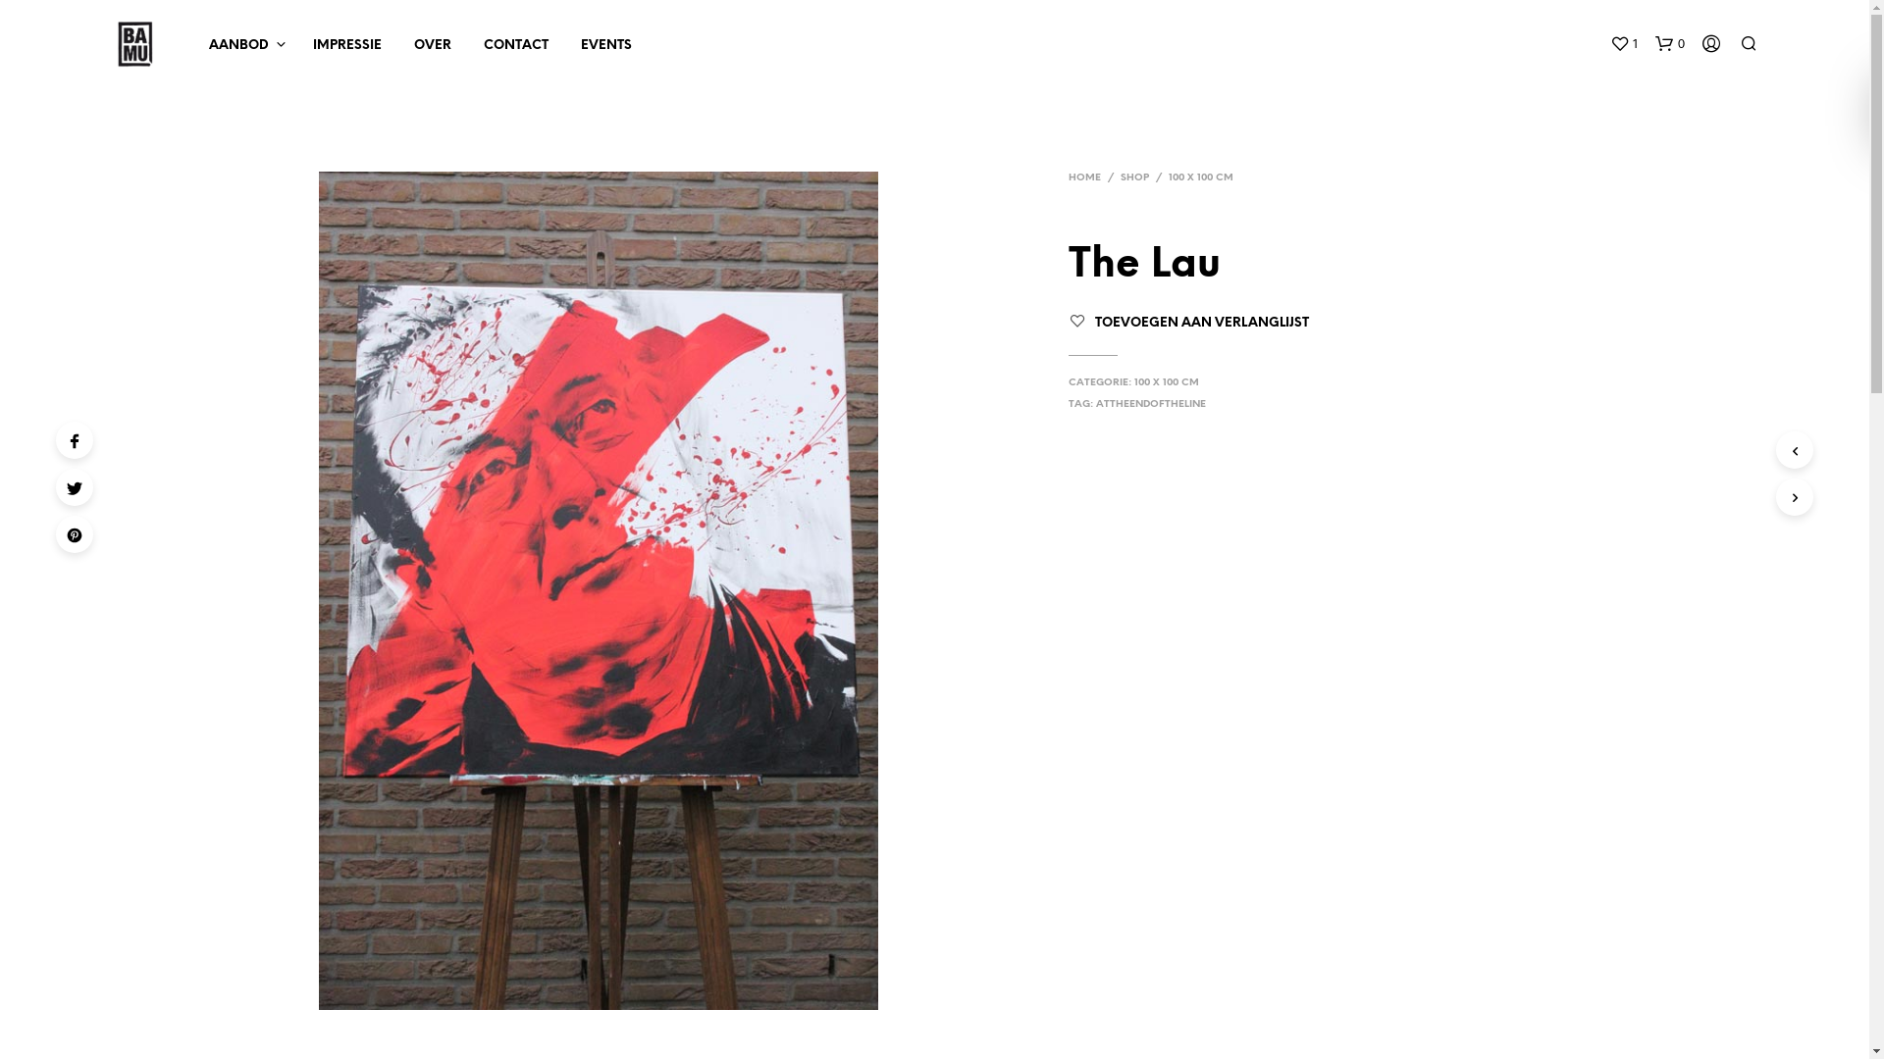  I want to click on 'EVENTS', so click(604, 44).